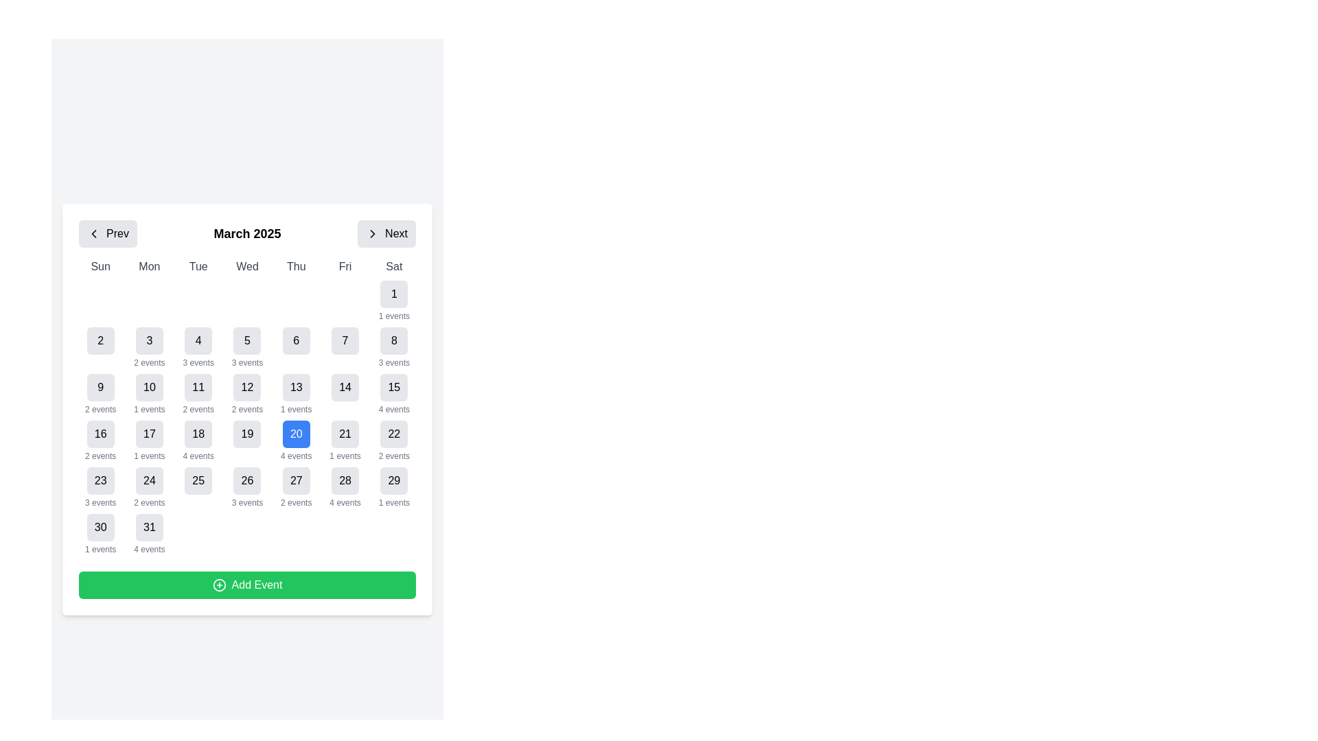  What do you see at coordinates (345, 502) in the screenshot?
I see `the informational text label that indicates the number of scheduled events for the associated day in the calendar, located below the primary button '28' in the bottom-right of the calendar view` at bounding box center [345, 502].